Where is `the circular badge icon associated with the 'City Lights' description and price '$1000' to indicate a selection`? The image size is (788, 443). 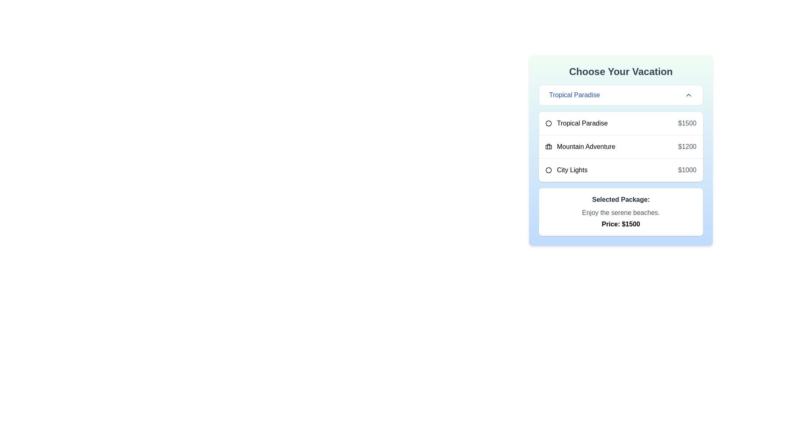 the circular badge icon associated with the 'City Lights' description and price '$1000' to indicate a selection is located at coordinates (548, 170).